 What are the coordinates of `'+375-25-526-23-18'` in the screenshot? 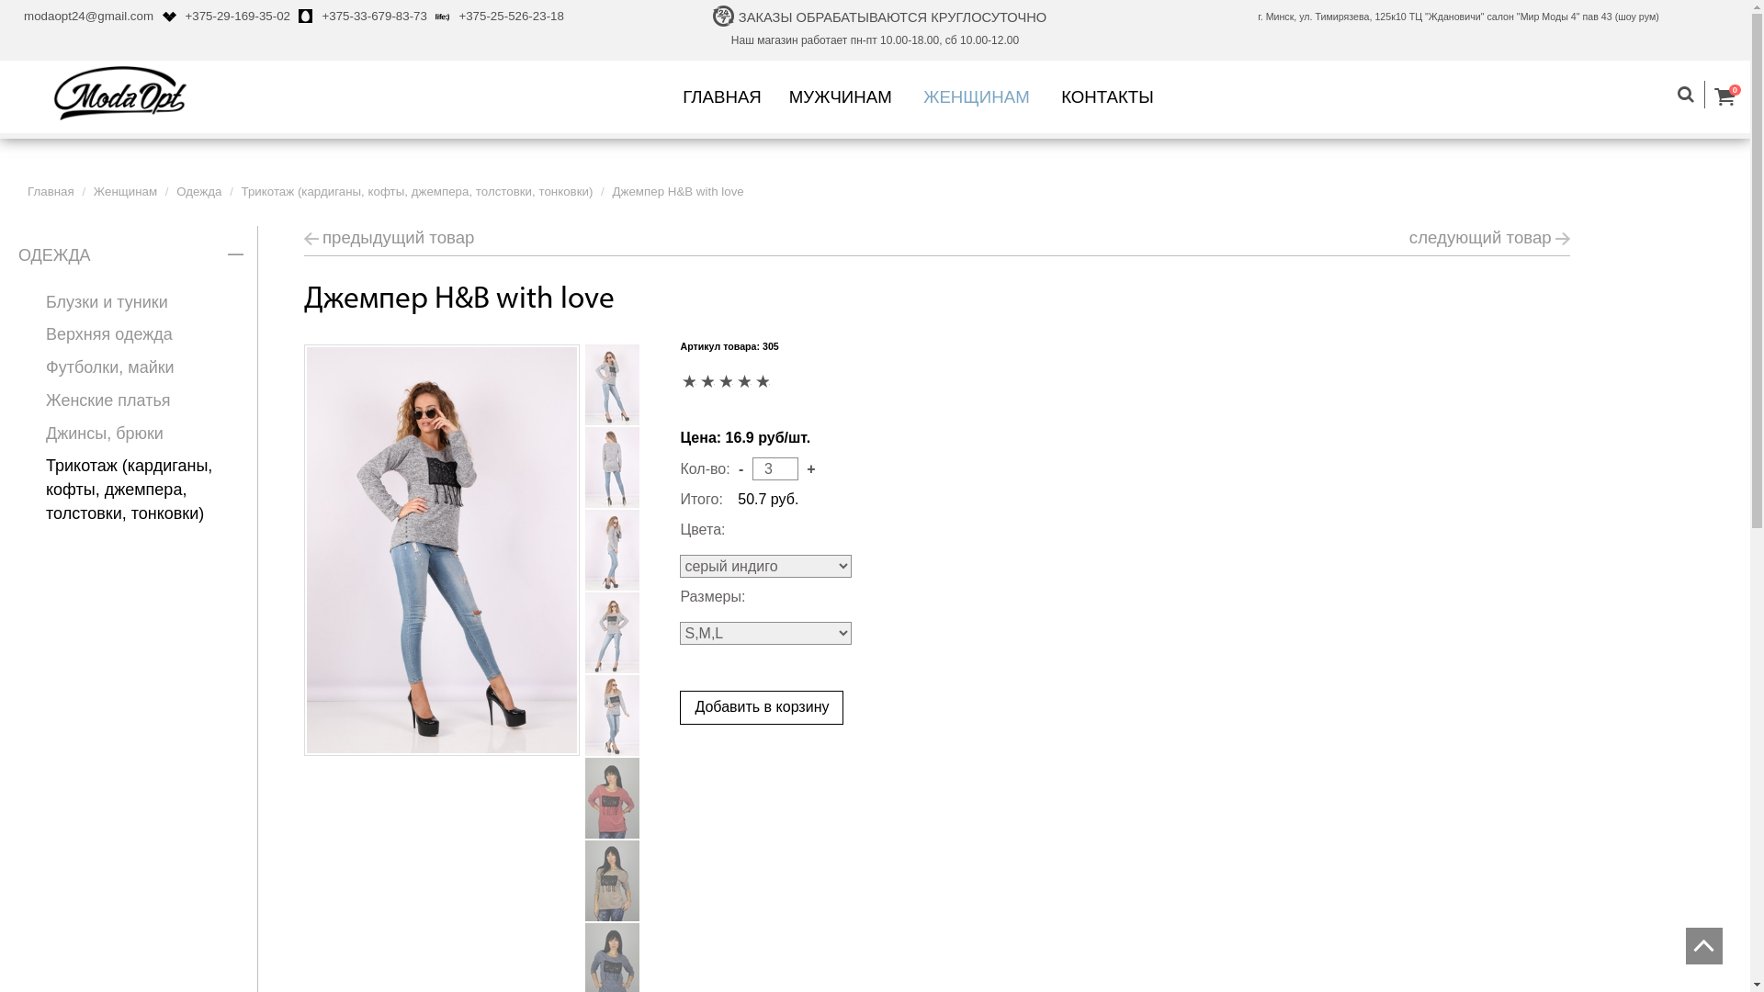 It's located at (458, 16).